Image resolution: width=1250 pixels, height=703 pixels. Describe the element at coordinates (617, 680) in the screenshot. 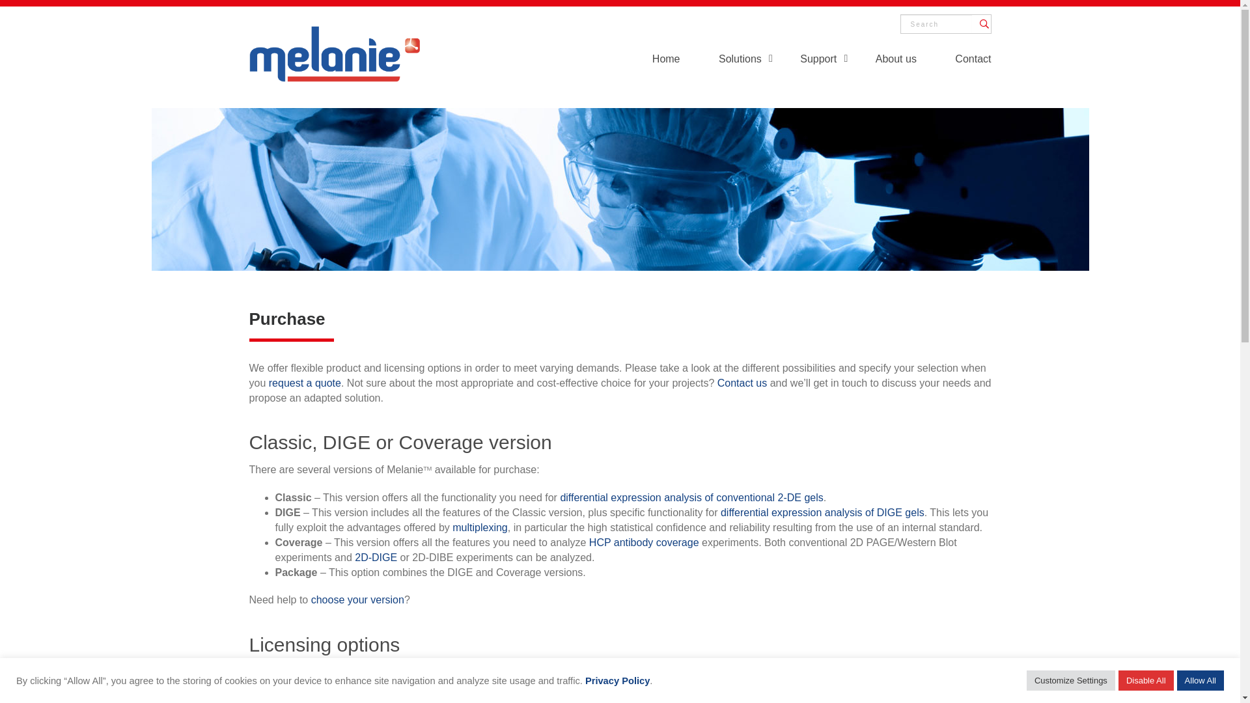

I see `'Privacy Policy'` at that location.